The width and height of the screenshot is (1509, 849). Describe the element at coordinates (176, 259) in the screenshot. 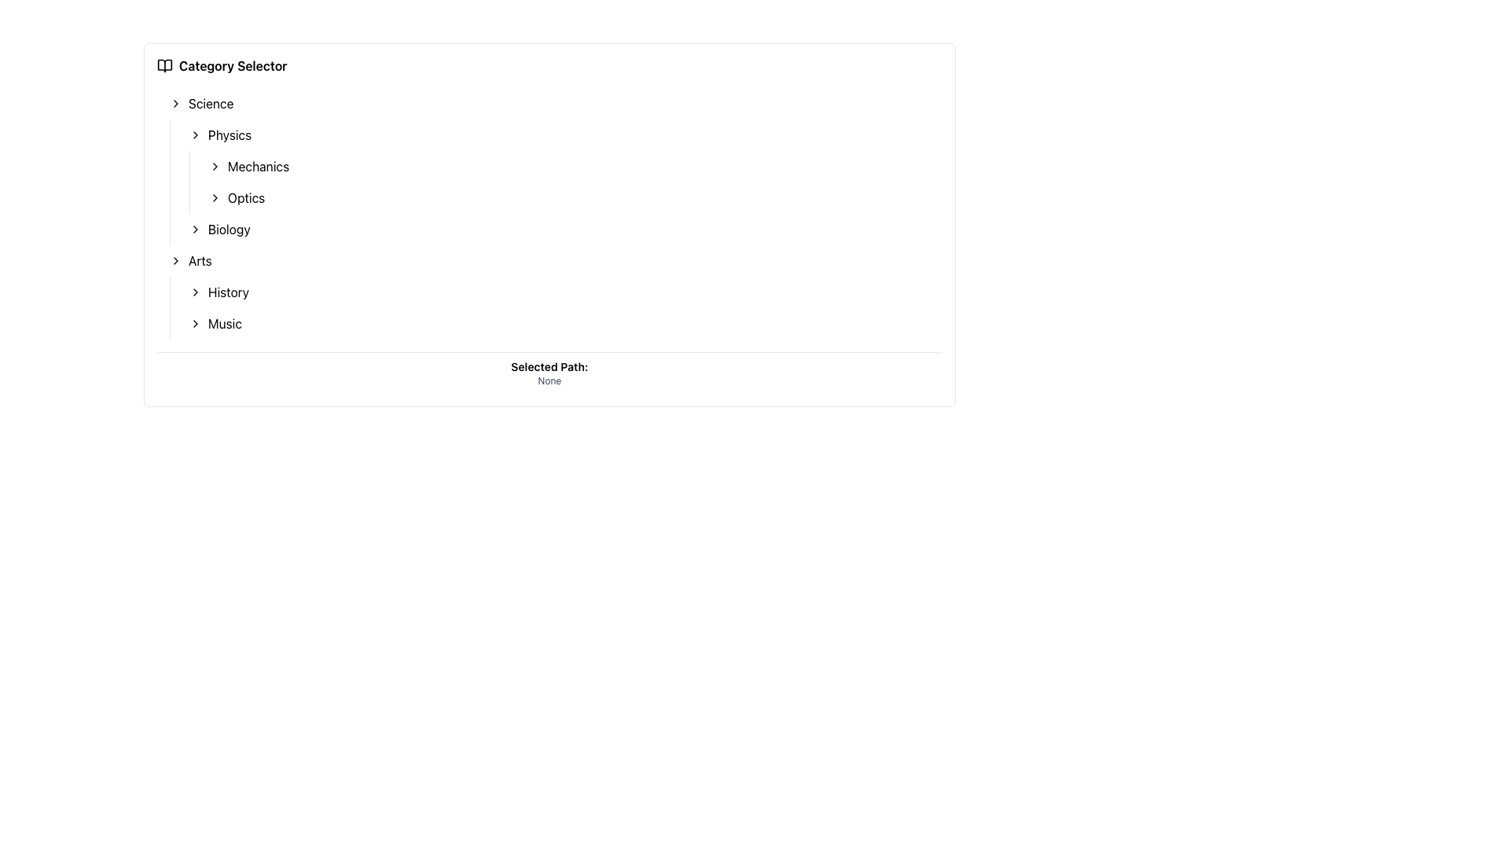

I see `the rightward-pointing chevron icon located to the left of the 'Arts' text` at that location.